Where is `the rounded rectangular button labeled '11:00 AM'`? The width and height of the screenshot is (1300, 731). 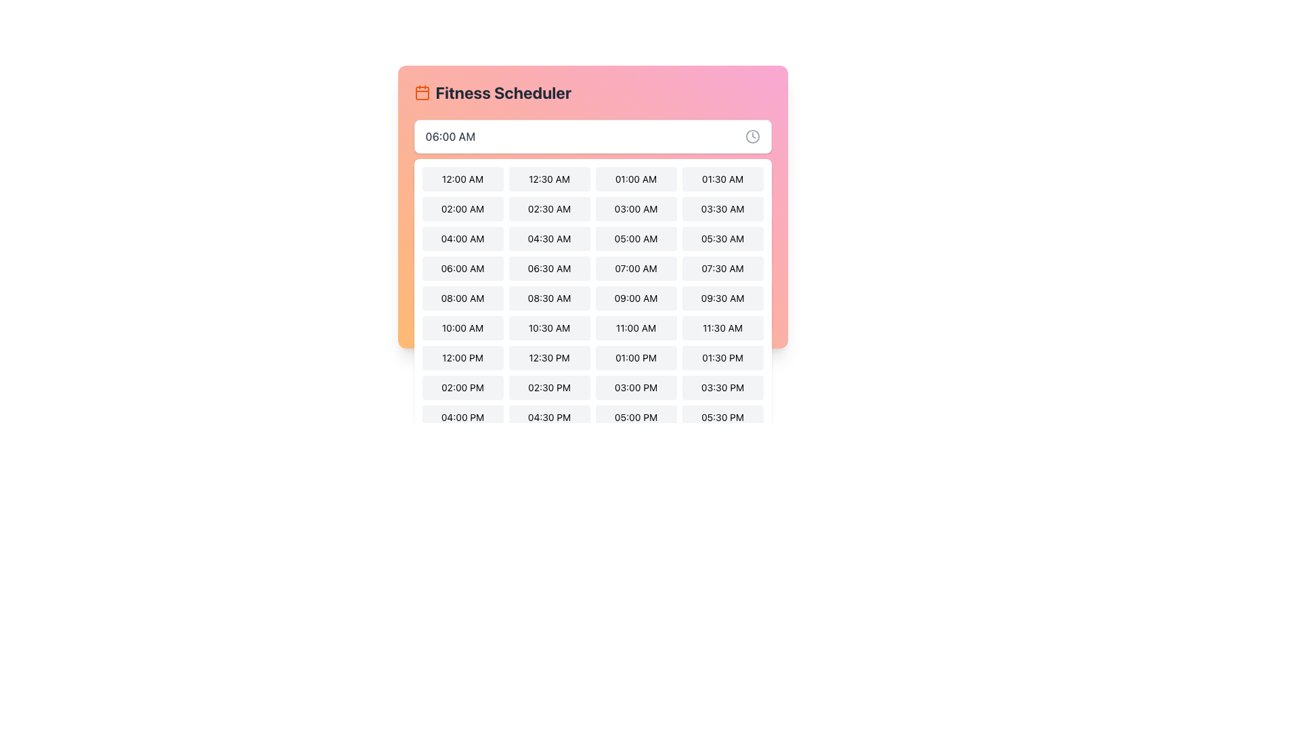
the rounded rectangular button labeled '11:00 AM' is located at coordinates (635, 328).